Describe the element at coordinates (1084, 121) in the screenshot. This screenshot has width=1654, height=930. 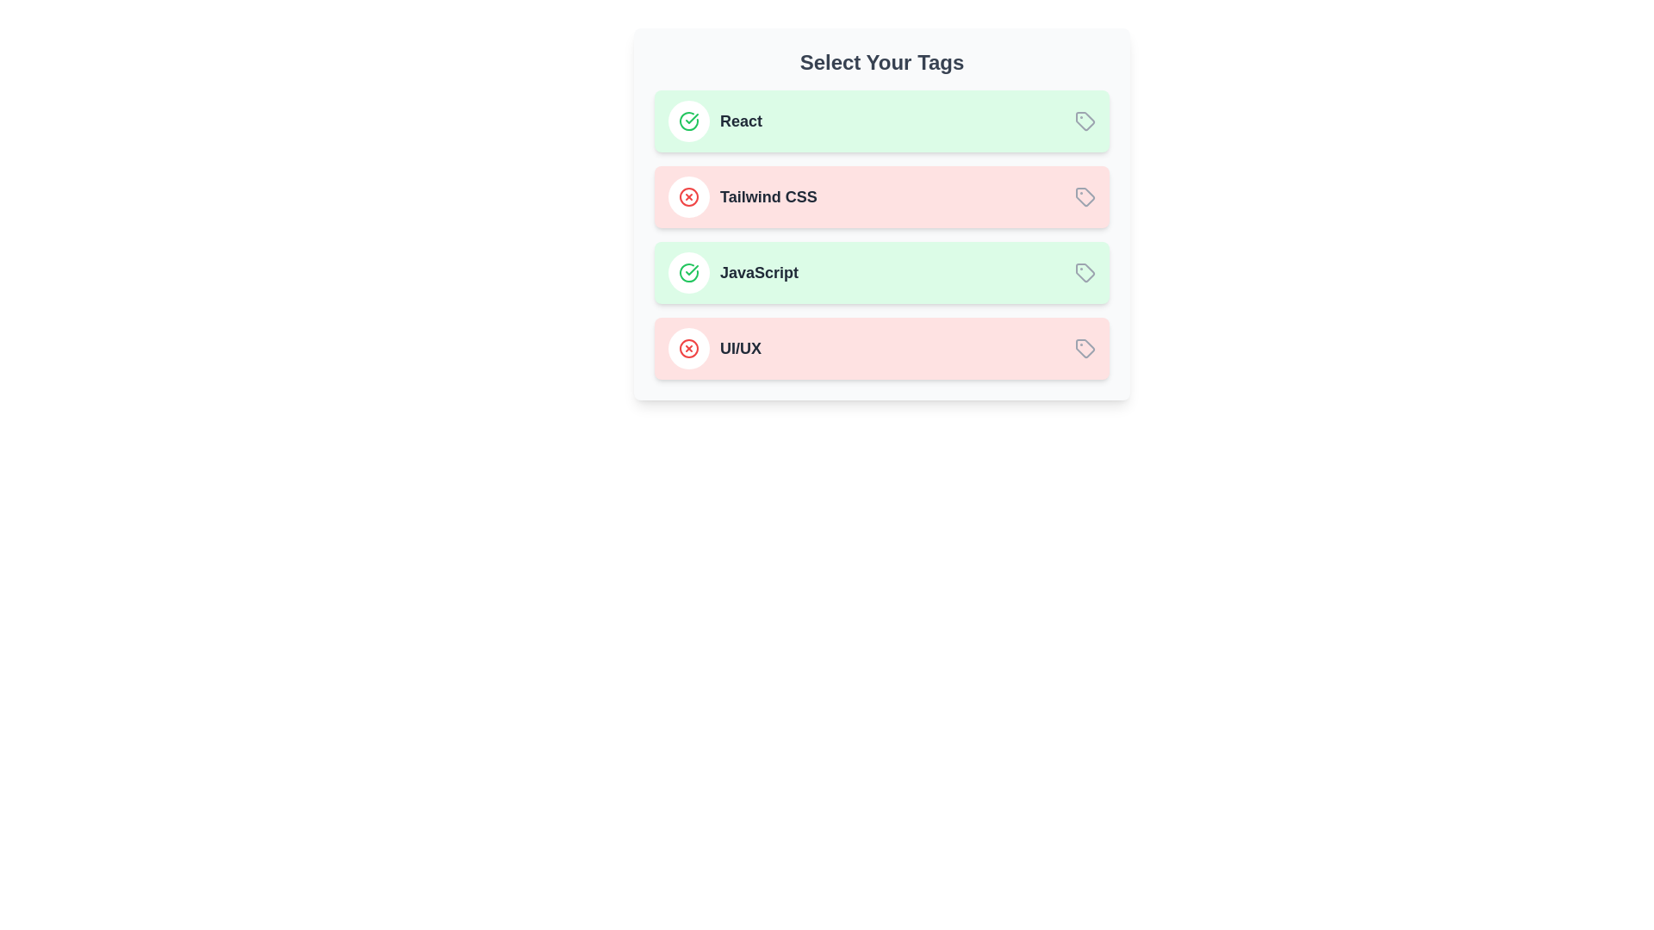
I see `the vector icon located to the right side of the 'React' option in the 'Select Your Tags' section` at that location.